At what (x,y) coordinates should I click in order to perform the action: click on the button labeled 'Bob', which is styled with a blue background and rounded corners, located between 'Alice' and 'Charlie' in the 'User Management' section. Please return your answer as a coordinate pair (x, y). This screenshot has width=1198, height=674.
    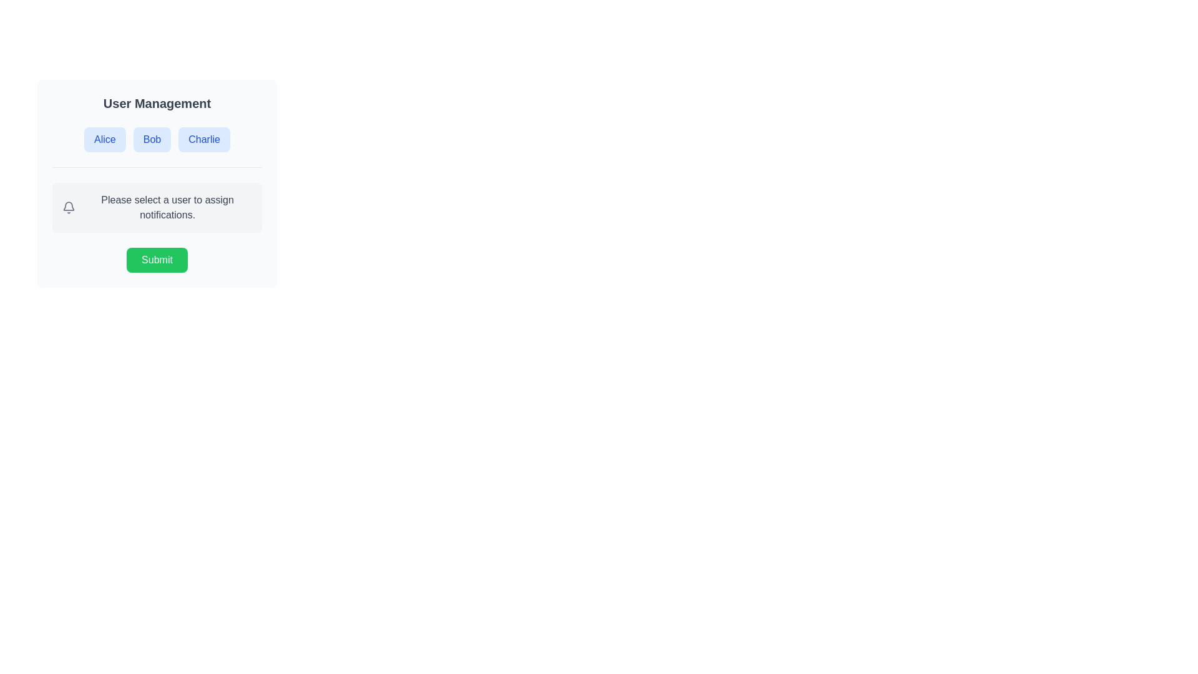
    Looking at the image, I should click on (157, 139).